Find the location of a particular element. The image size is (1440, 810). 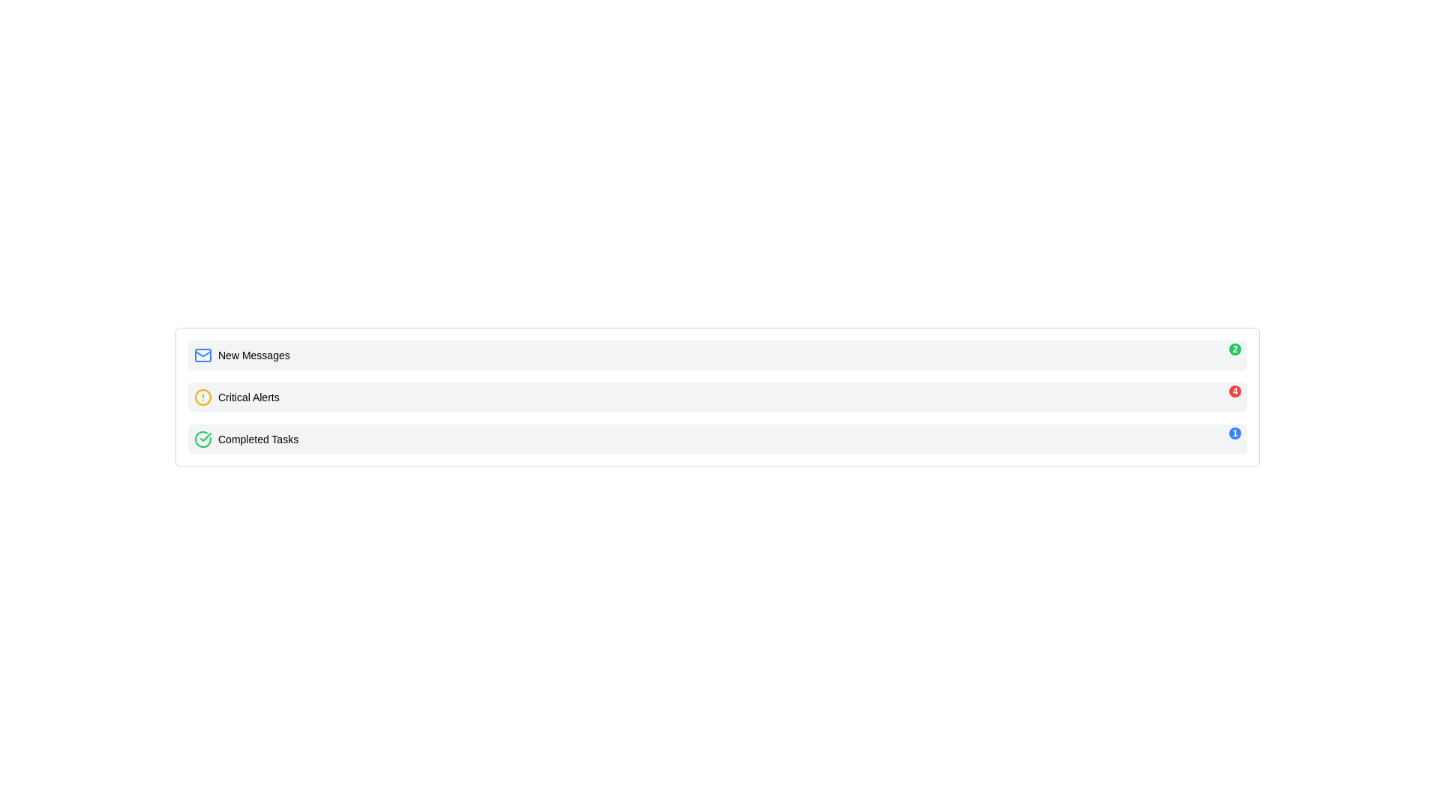

the small, circular blue badge with white text '1' located at the top-right corner of the 'Completed Tasks' panel is located at coordinates (1234, 434).